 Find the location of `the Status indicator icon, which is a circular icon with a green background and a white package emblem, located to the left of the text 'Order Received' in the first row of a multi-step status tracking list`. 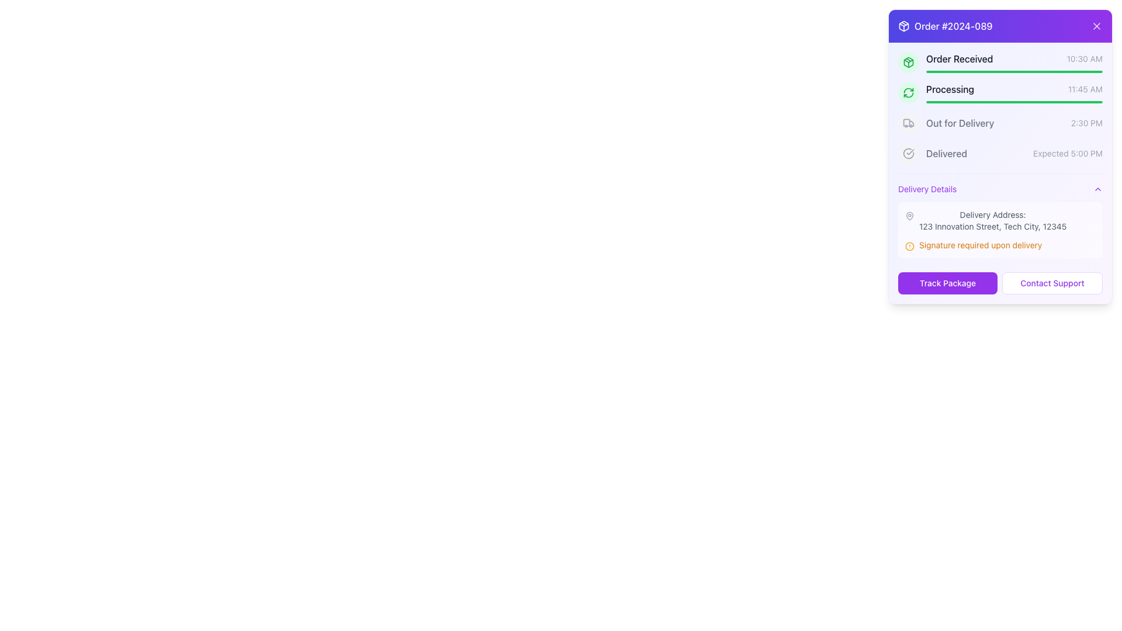

the Status indicator icon, which is a circular icon with a green background and a white package emblem, located to the left of the text 'Order Received' in the first row of a multi-step status tracking list is located at coordinates (908, 63).